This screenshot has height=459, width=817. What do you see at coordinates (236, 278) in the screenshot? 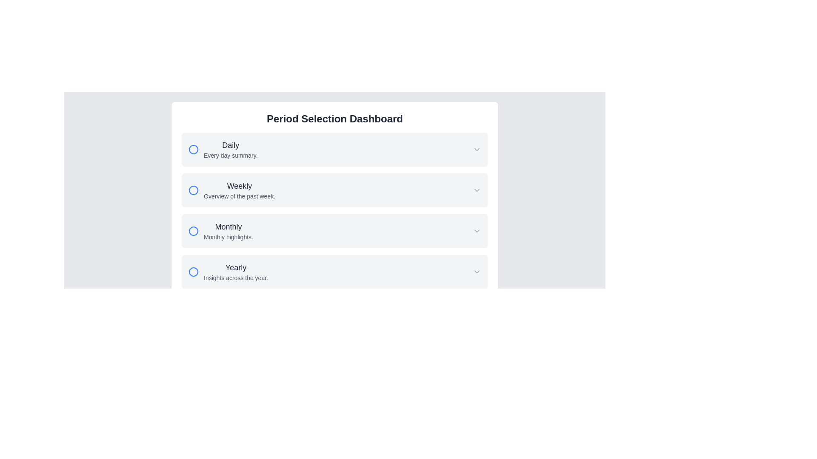
I see `the text label that says 'Insights across the year.' which is styled with a smaller font size and gray color, located below the 'Yearly' option in the 'Period Selection Dashboard'` at bounding box center [236, 278].